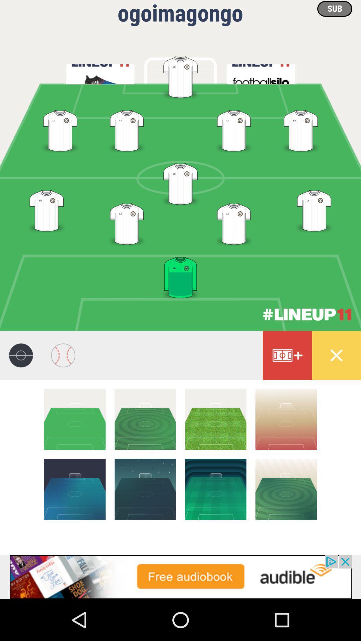 The width and height of the screenshot is (361, 641). What do you see at coordinates (145, 419) in the screenshot?
I see `the minus icon` at bounding box center [145, 419].